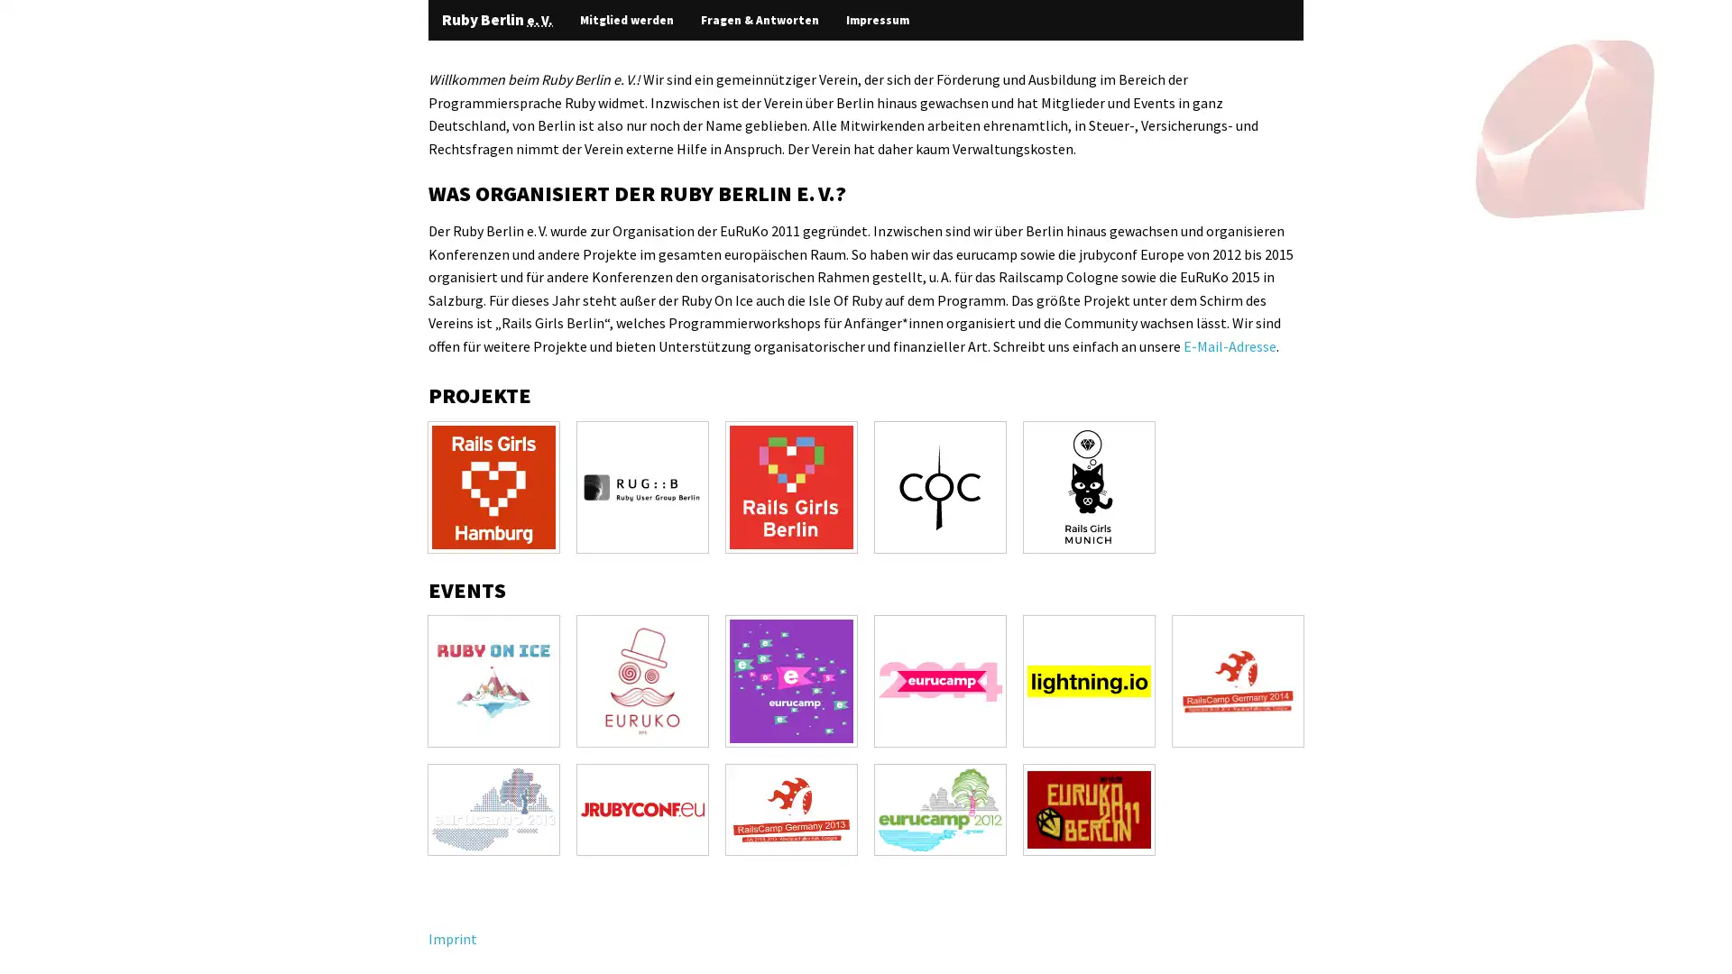 The height and width of the screenshot is (974, 1732). What do you see at coordinates (791, 485) in the screenshot?
I see `Rails girls berlin` at bounding box center [791, 485].